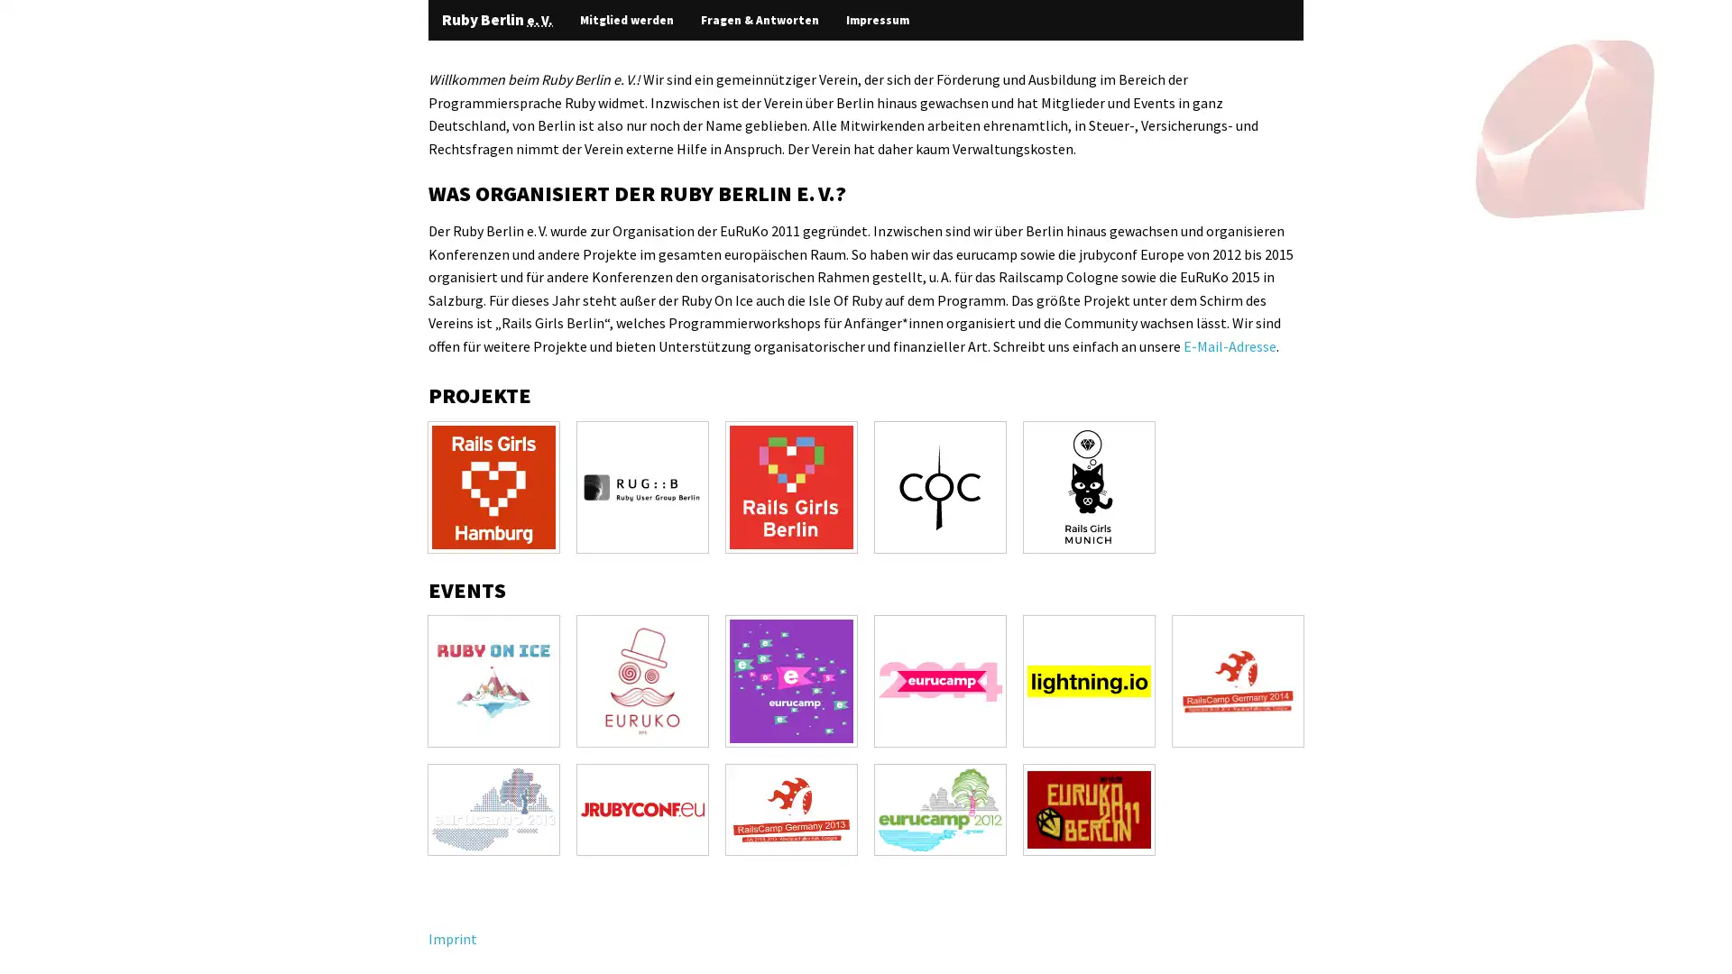 The height and width of the screenshot is (974, 1732). What do you see at coordinates (791, 485) in the screenshot?
I see `Rails girls berlin` at bounding box center [791, 485].